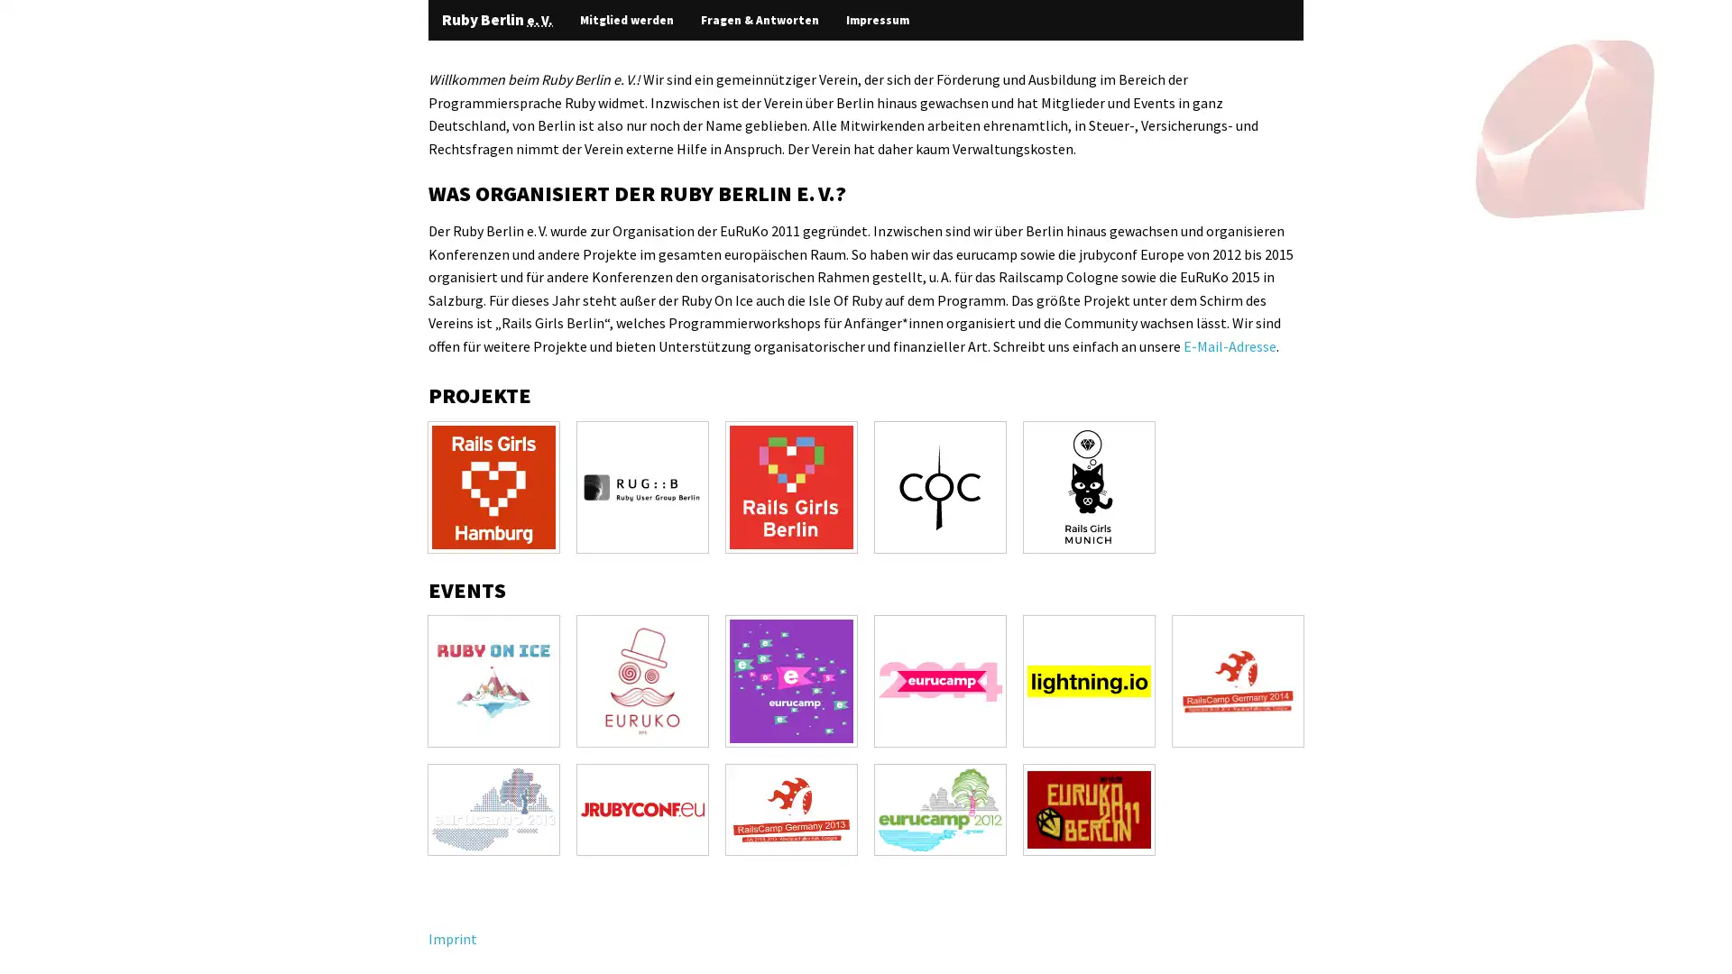 The height and width of the screenshot is (974, 1732). What do you see at coordinates (791, 485) in the screenshot?
I see `Rails girls berlin` at bounding box center [791, 485].